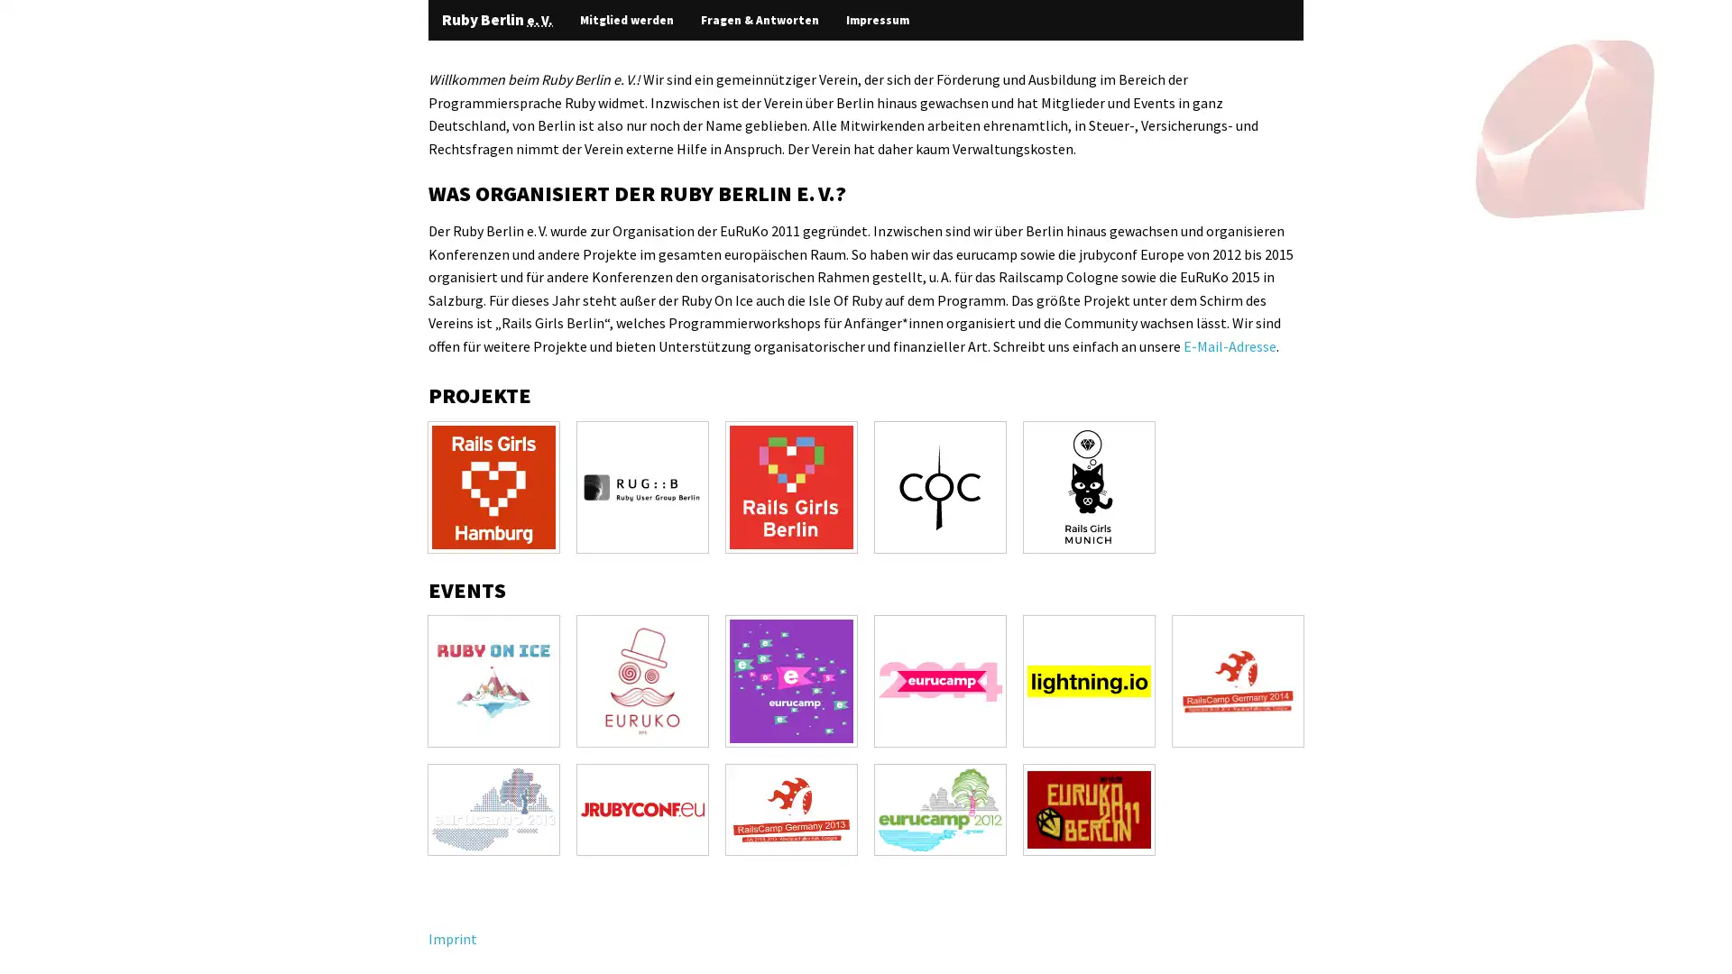 The height and width of the screenshot is (974, 1732). What do you see at coordinates (791, 485) in the screenshot?
I see `Rails girls berlin` at bounding box center [791, 485].